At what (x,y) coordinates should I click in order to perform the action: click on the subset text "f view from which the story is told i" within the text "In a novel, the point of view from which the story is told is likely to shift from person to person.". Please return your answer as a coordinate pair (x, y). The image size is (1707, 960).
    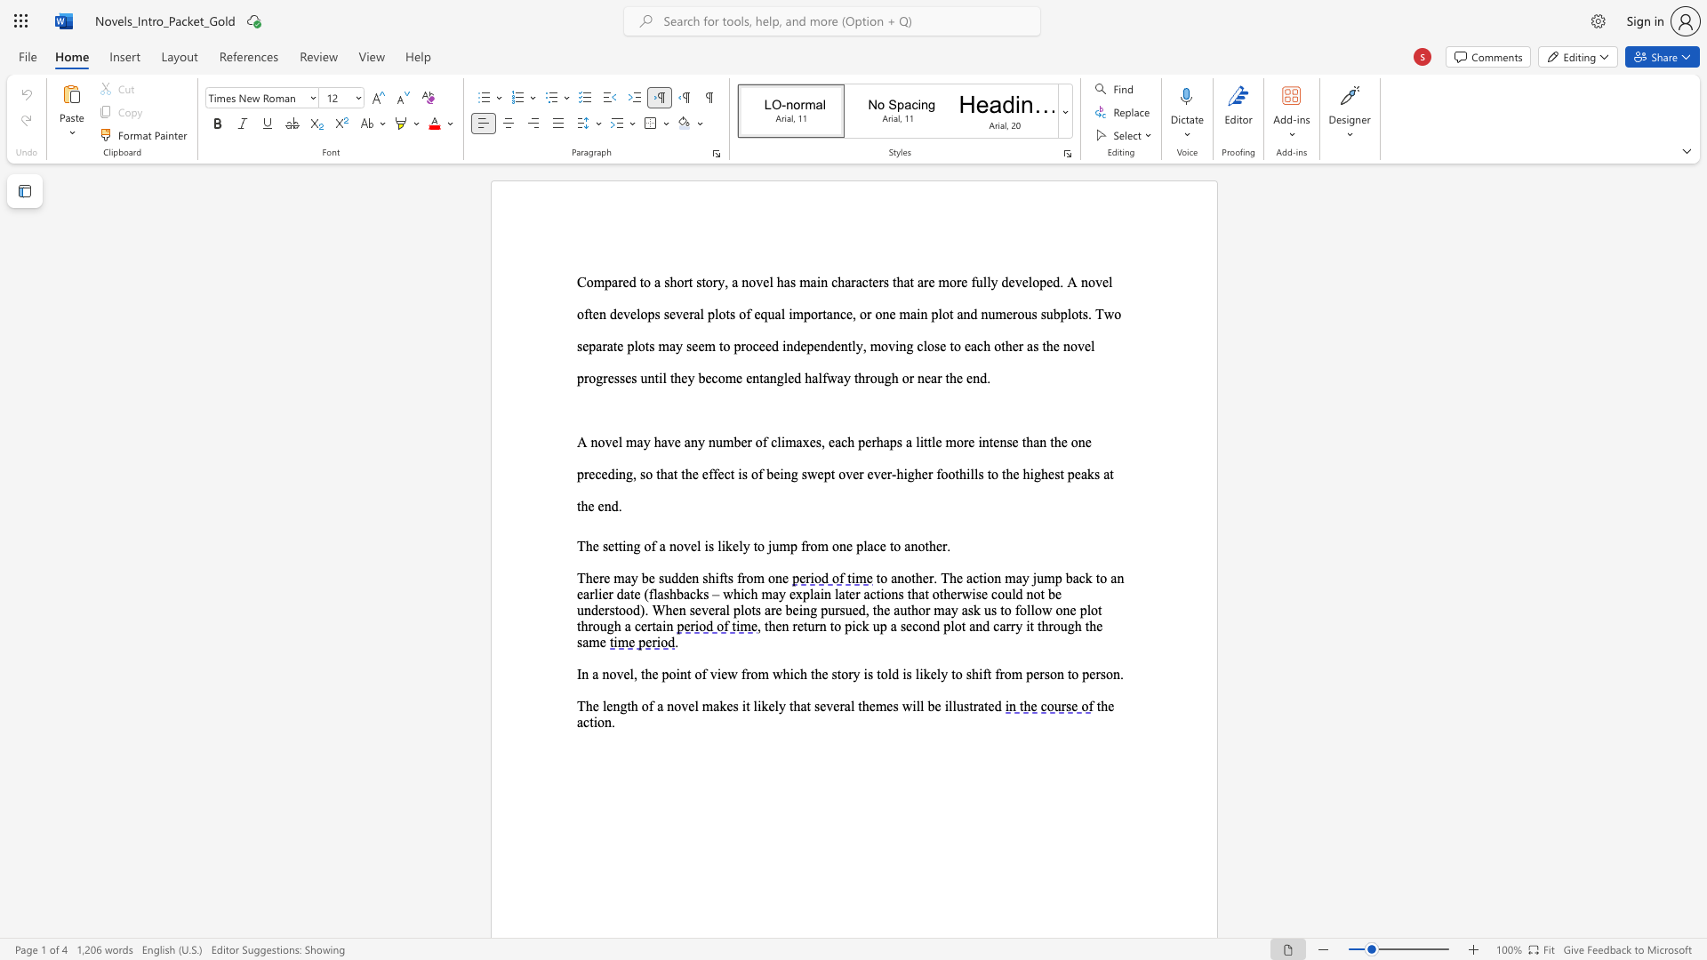
    Looking at the image, I should click on (701, 674).